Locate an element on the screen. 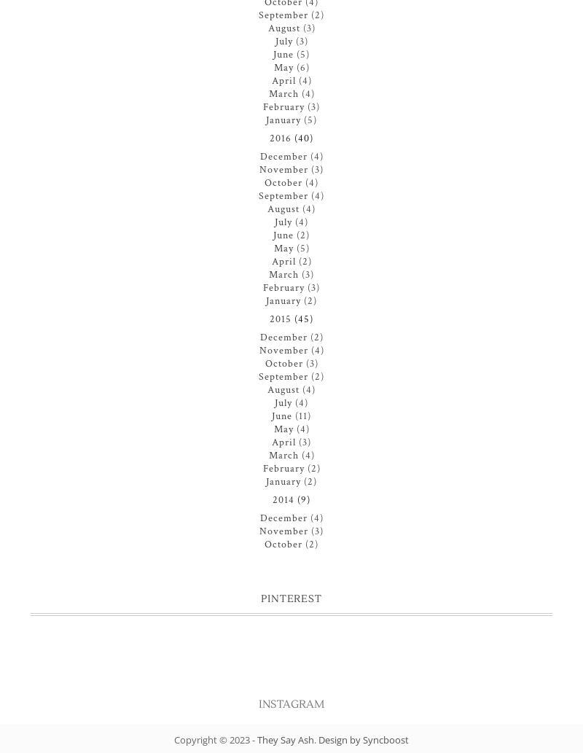 This screenshot has width=583, height=753. '(6)' is located at coordinates (302, 67).